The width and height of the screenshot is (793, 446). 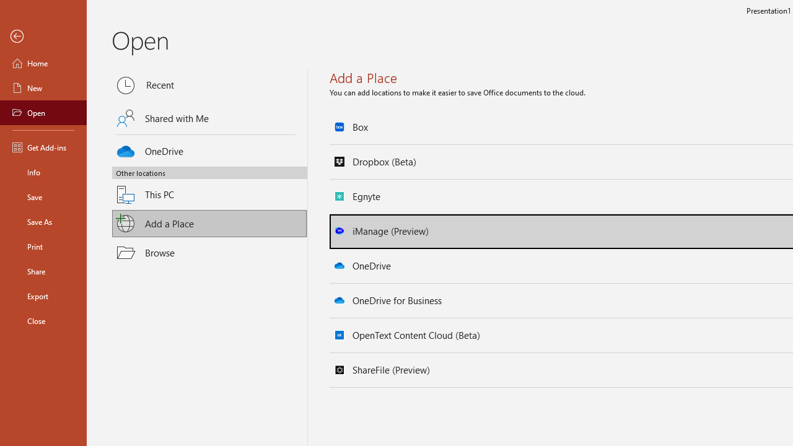 I want to click on 'Browse', so click(x=209, y=251).